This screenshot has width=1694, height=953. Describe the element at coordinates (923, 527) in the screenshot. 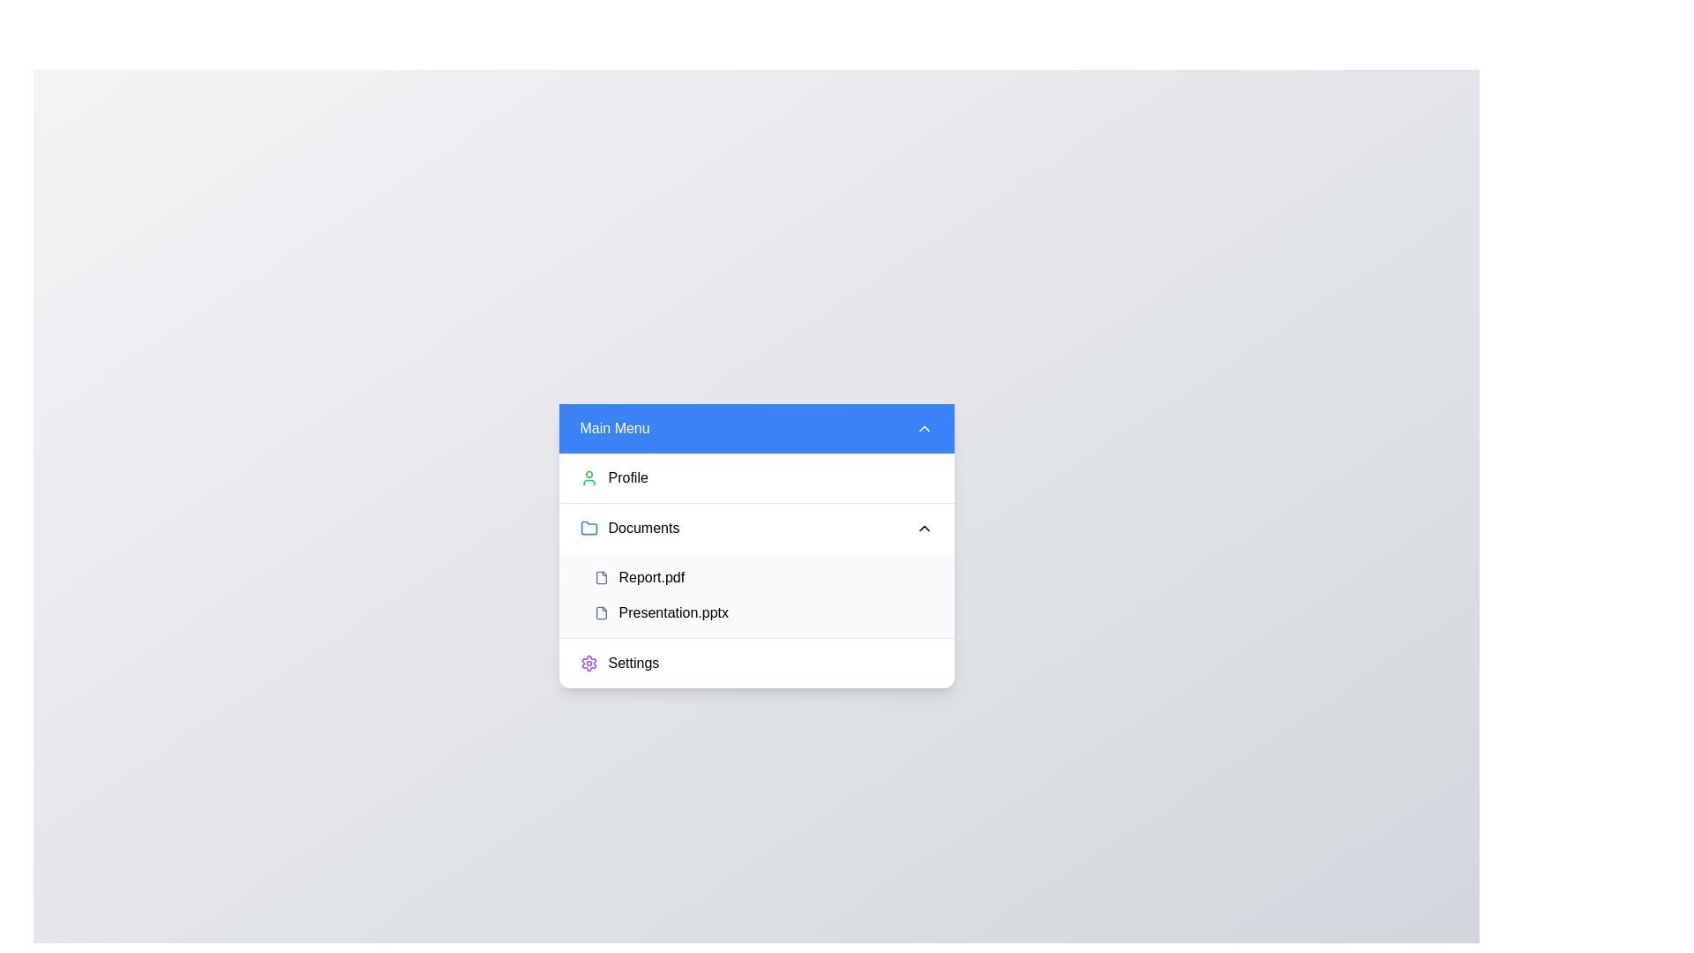

I see `the upward-pointing arrow icon next to the 'Documents' entry in the menu` at that location.